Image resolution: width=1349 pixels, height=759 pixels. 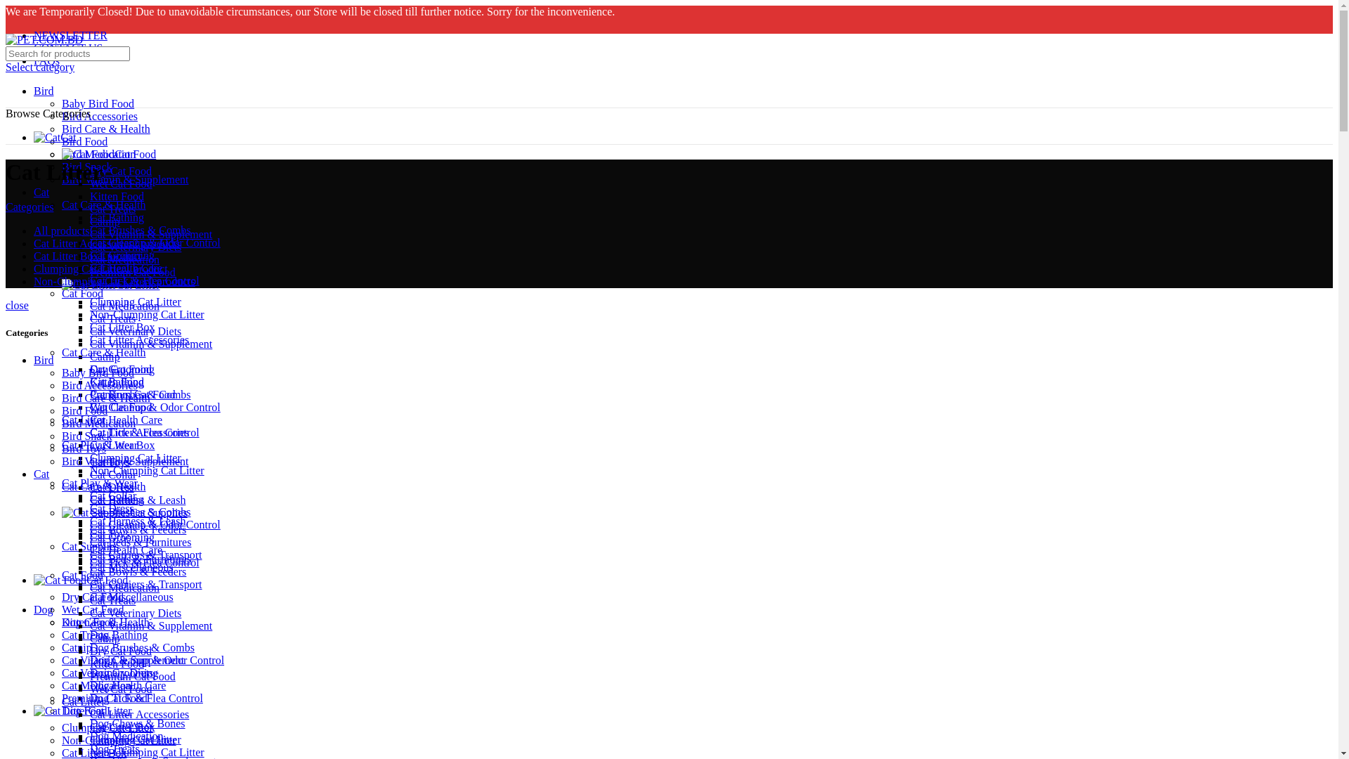 What do you see at coordinates (41, 474) in the screenshot?
I see `'Cat'` at bounding box center [41, 474].